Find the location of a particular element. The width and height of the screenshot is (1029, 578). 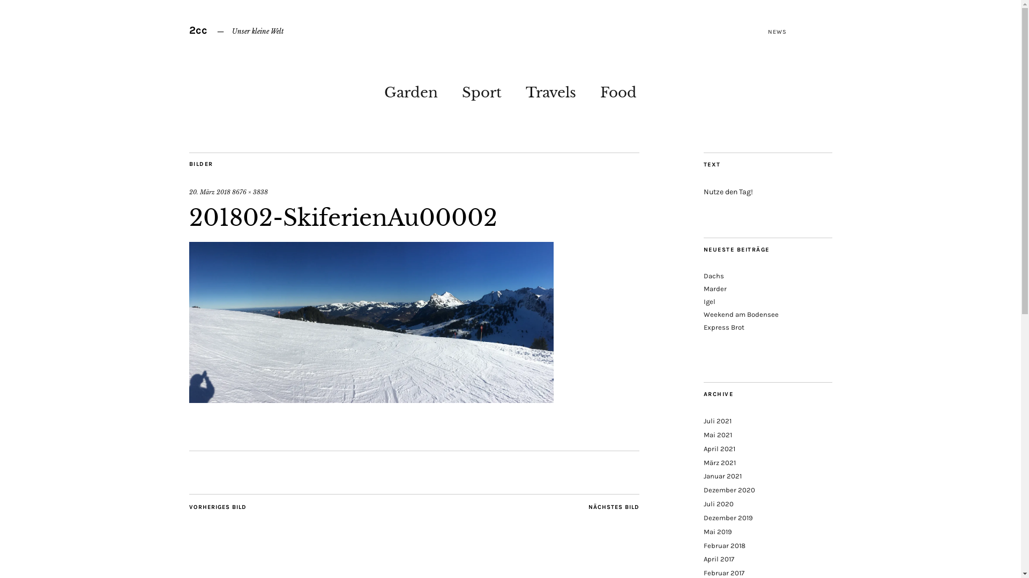

'Sport' is located at coordinates (481, 89).